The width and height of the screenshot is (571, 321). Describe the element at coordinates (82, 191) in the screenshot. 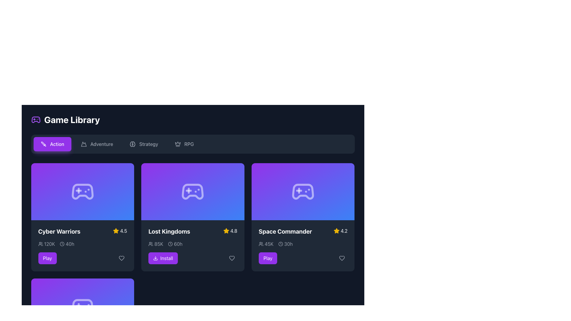

I see `the first icon in the top row of game cards in the library, which represents the game associated with the card and is centered above the text 'Cyber Warriors'` at that location.